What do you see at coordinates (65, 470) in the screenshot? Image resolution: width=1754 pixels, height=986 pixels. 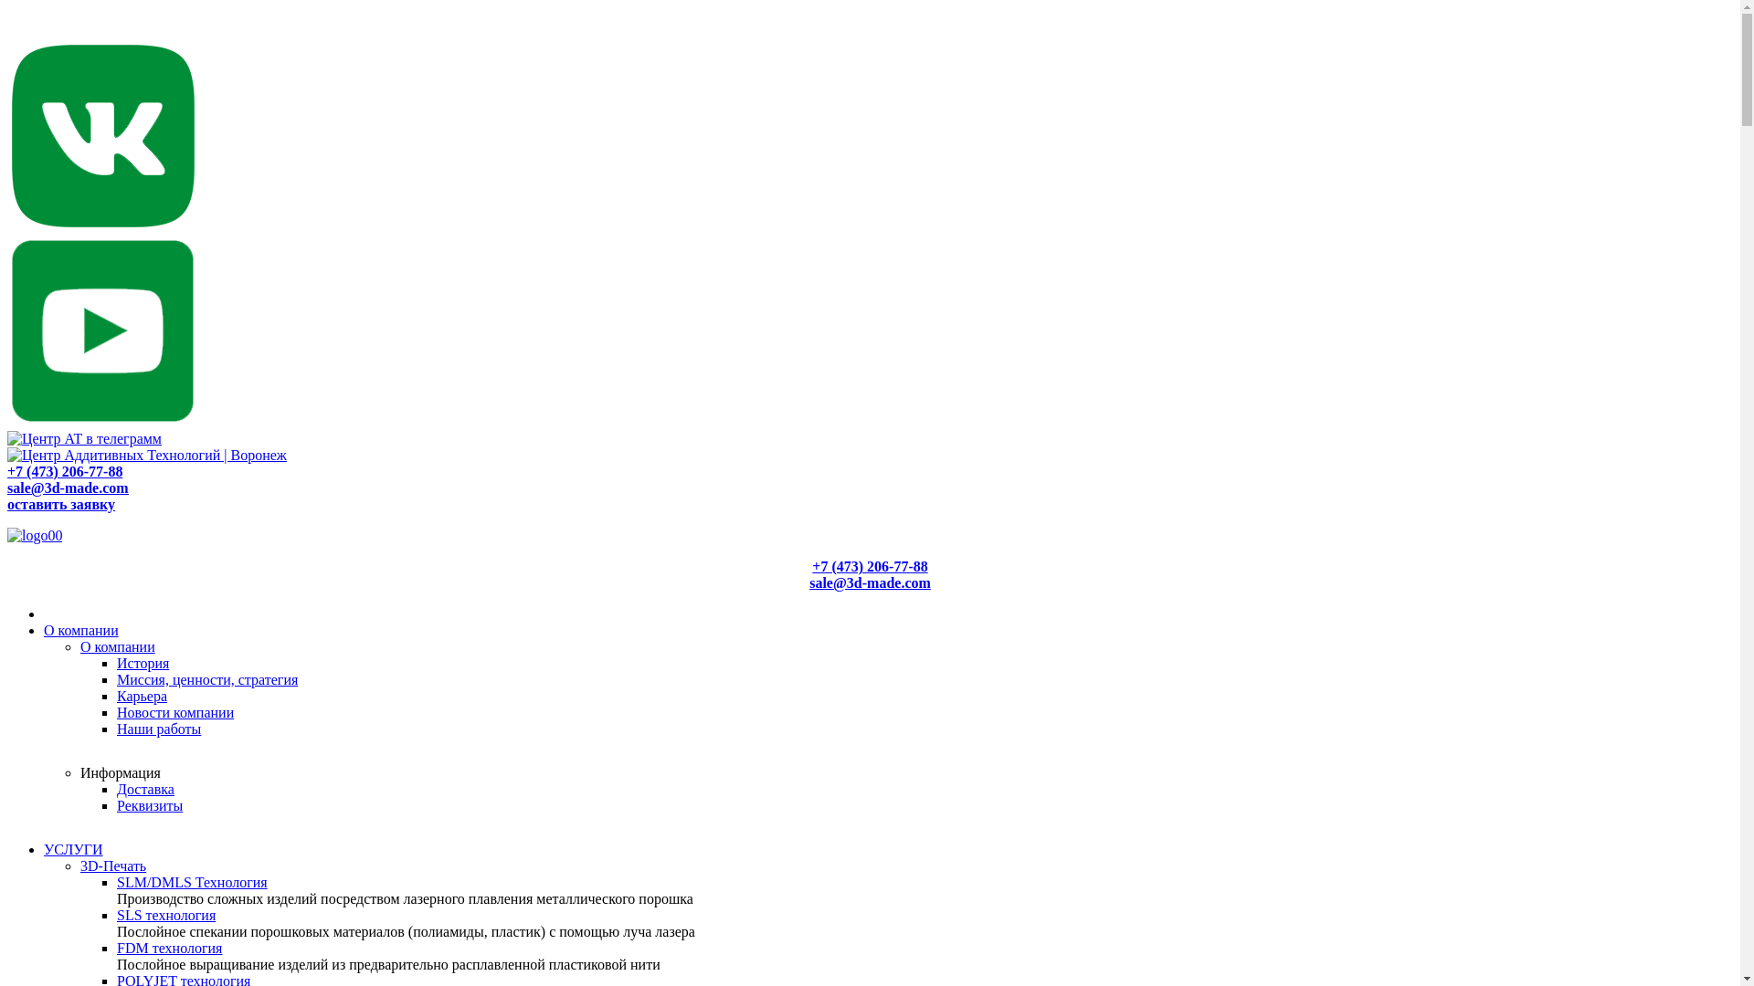 I see `'+7 (473) 206-77-88'` at bounding box center [65, 470].